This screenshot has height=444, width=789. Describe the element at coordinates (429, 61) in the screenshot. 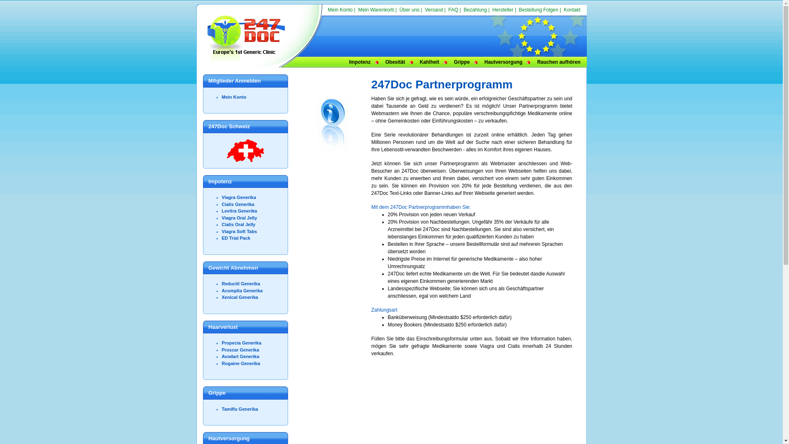

I see `'Kahlheit'` at that location.